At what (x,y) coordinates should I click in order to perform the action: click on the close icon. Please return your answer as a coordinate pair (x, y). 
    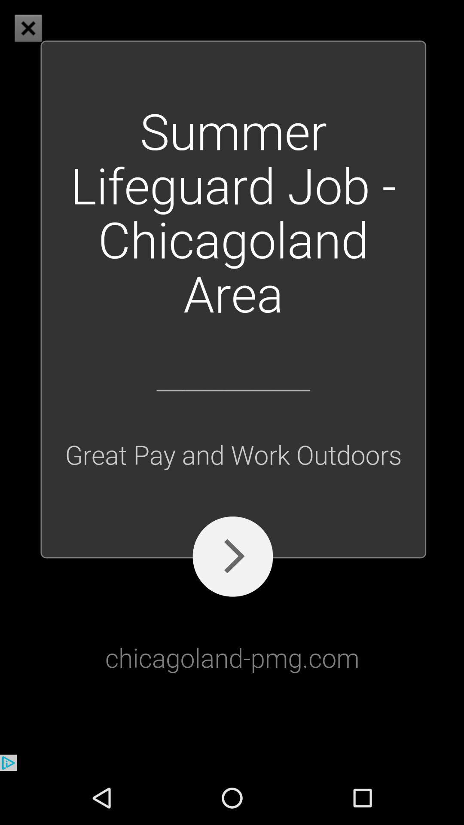
    Looking at the image, I should click on (27, 30).